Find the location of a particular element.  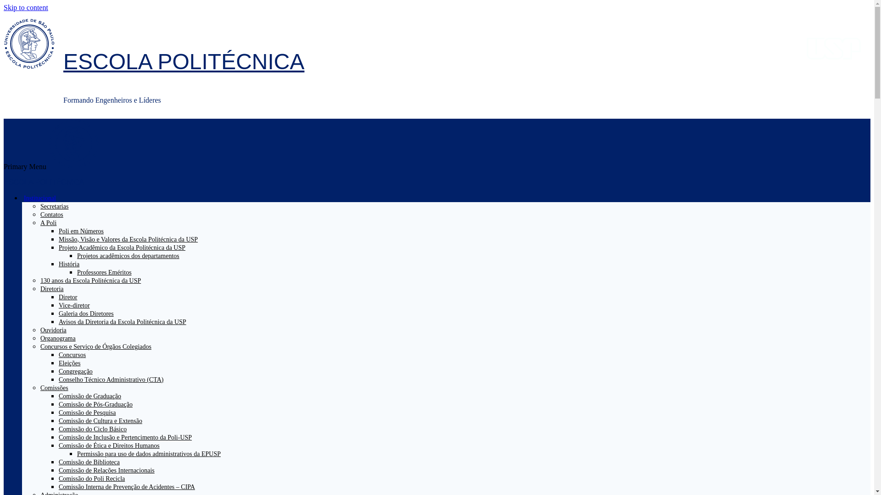

'Vice-diretor' is located at coordinates (74, 305).